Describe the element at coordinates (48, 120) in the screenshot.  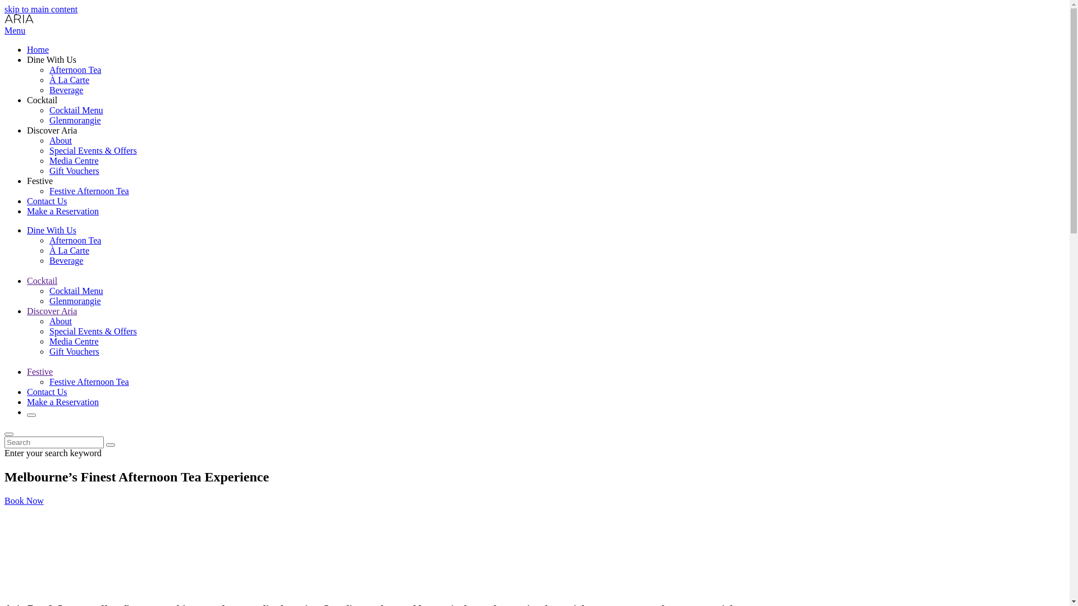
I see `'Glenmorangie'` at that location.